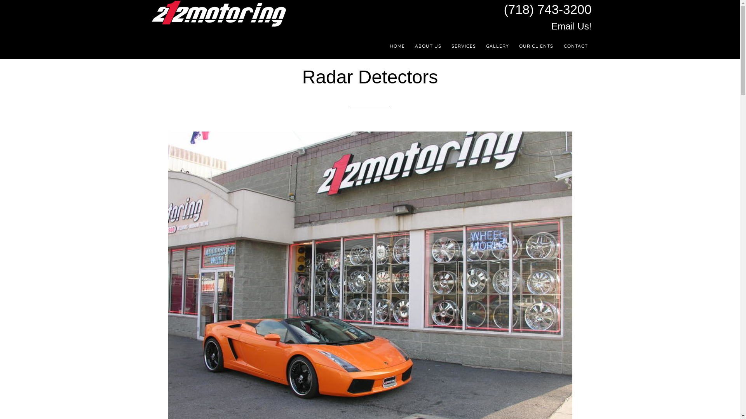  What do you see at coordinates (497, 46) in the screenshot?
I see `'GALLERY'` at bounding box center [497, 46].